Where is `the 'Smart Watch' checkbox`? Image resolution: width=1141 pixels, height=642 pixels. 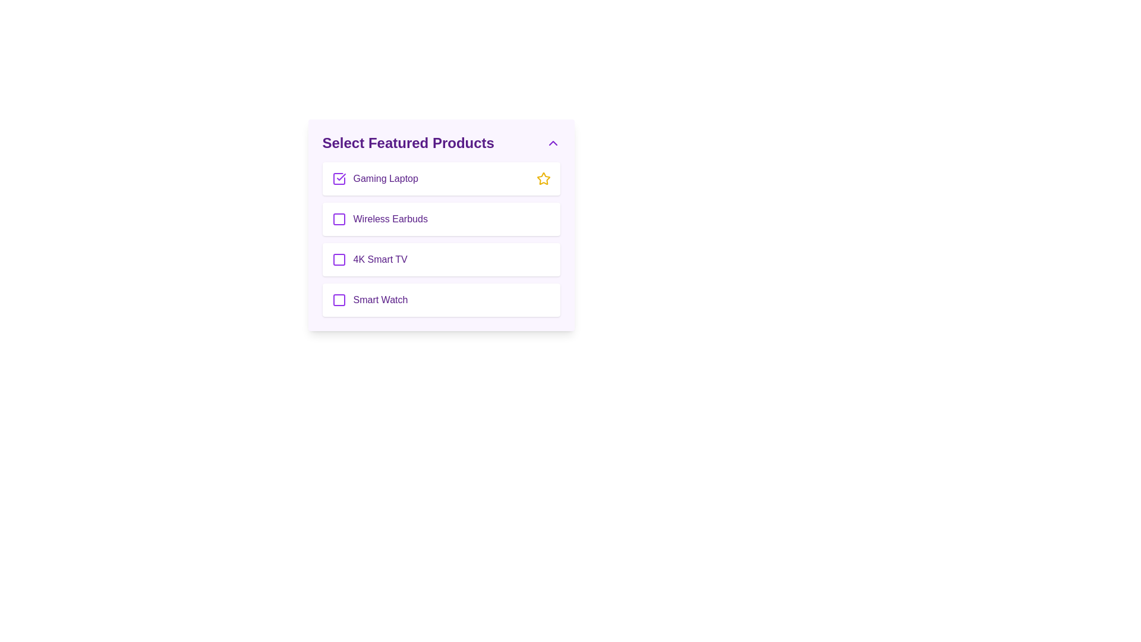 the 'Smart Watch' checkbox is located at coordinates (440, 300).